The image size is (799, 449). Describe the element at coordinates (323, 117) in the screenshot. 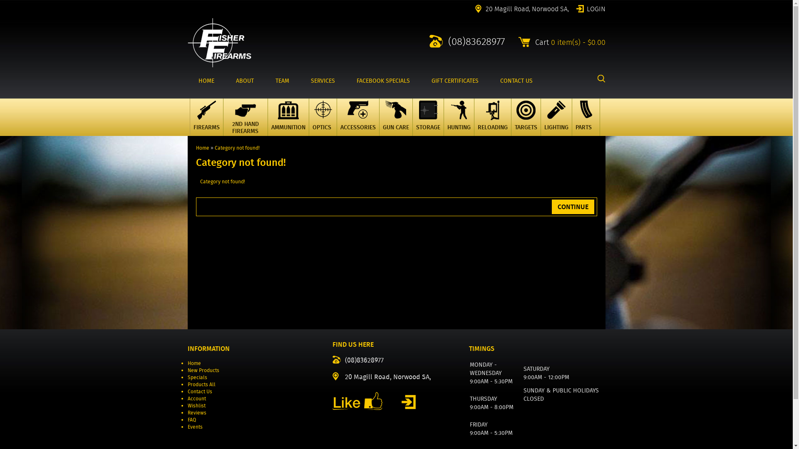

I see `'OPTICS'` at that location.